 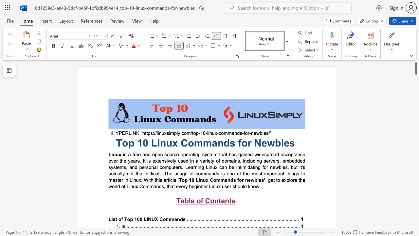 I want to click on the 1th character "o" in the text, so click(x=198, y=200).